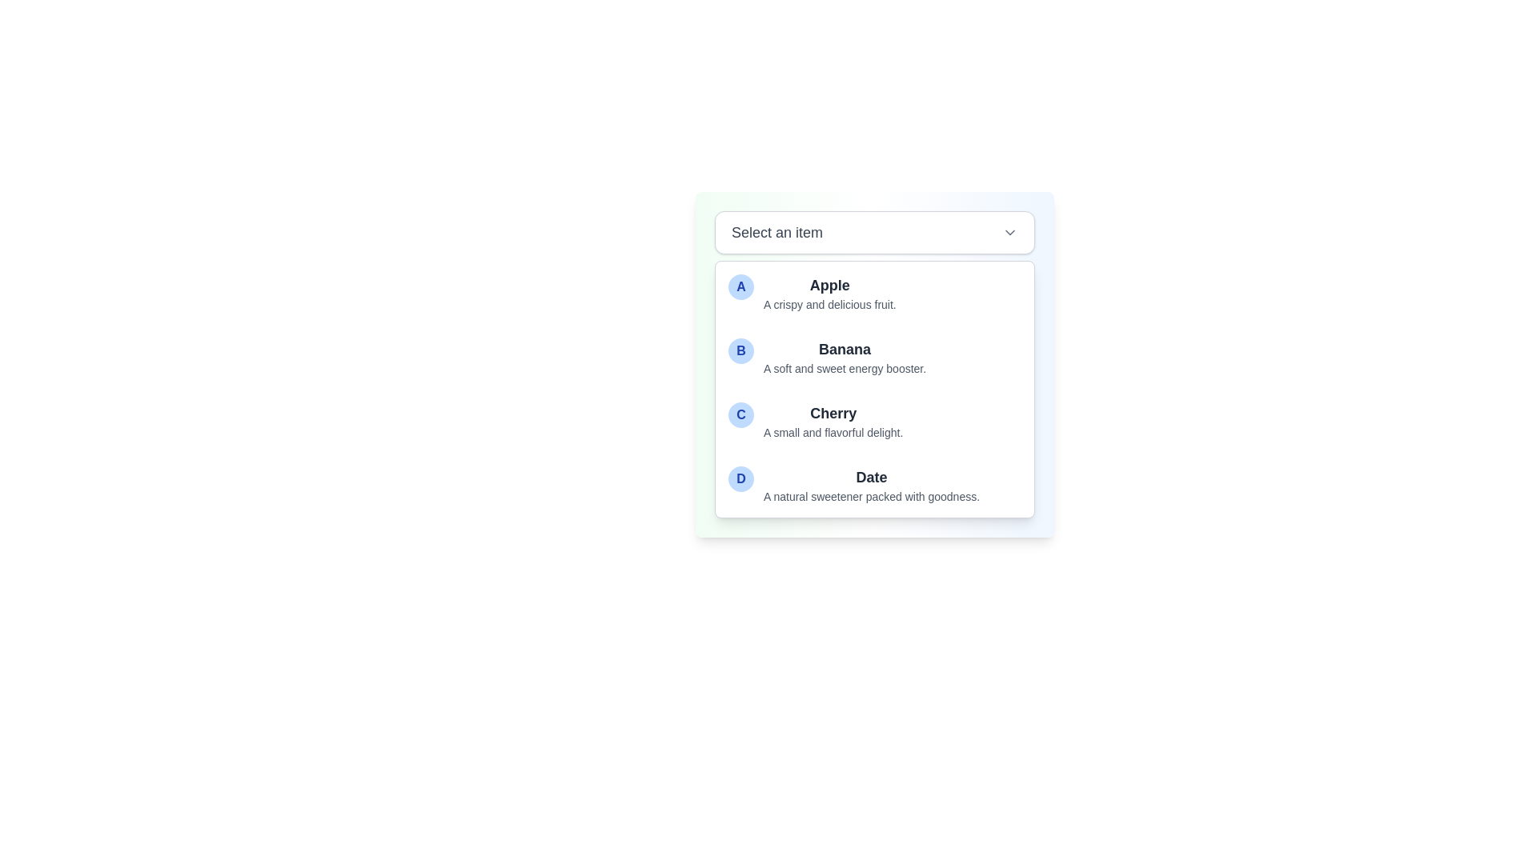 Image resolution: width=1537 pixels, height=864 pixels. What do you see at coordinates (833, 421) in the screenshot?
I see `the list item displaying 'Cherry' in bold text` at bounding box center [833, 421].